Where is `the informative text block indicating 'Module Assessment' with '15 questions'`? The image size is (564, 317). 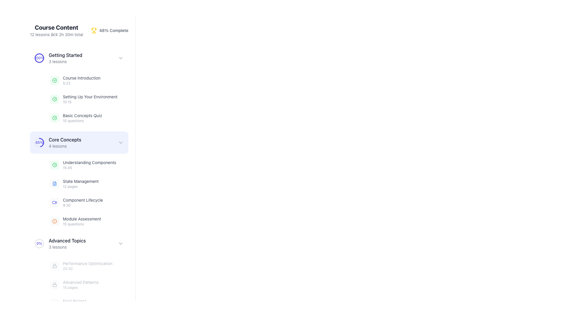
the informative text block indicating 'Module Assessment' with '15 questions' is located at coordinates (81, 221).